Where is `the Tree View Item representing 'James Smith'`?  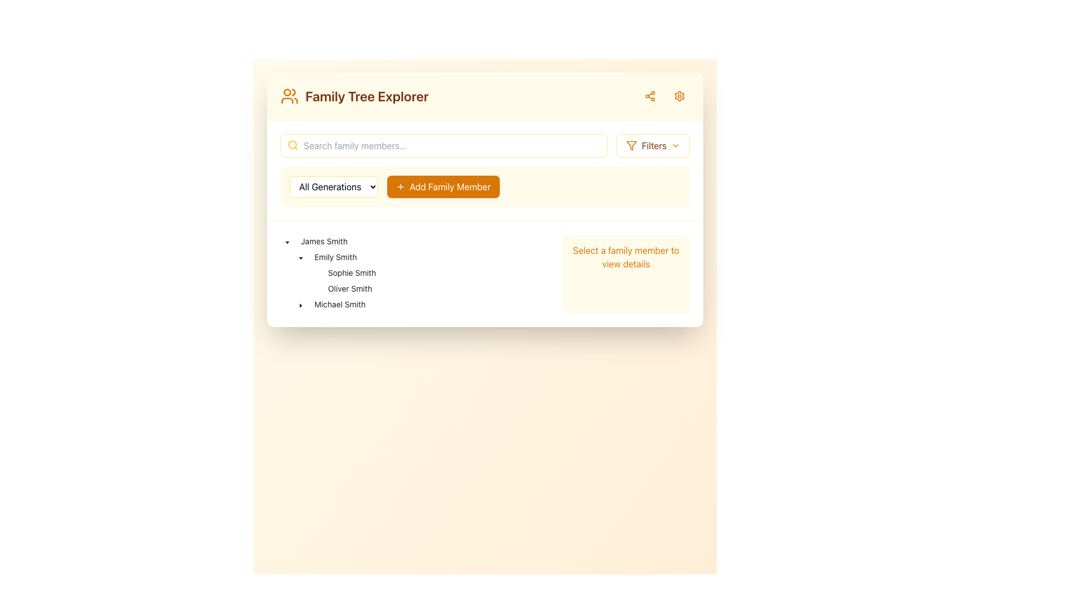
the Tree View Item representing 'James Smith' is located at coordinates (316, 240).